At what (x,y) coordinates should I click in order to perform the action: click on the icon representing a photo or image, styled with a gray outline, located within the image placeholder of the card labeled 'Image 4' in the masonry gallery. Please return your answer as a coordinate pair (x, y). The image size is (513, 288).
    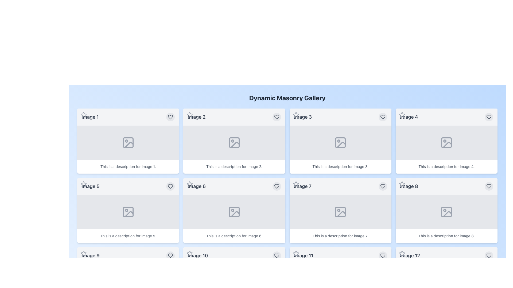
    Looking at the image, I should click on (447, 145).